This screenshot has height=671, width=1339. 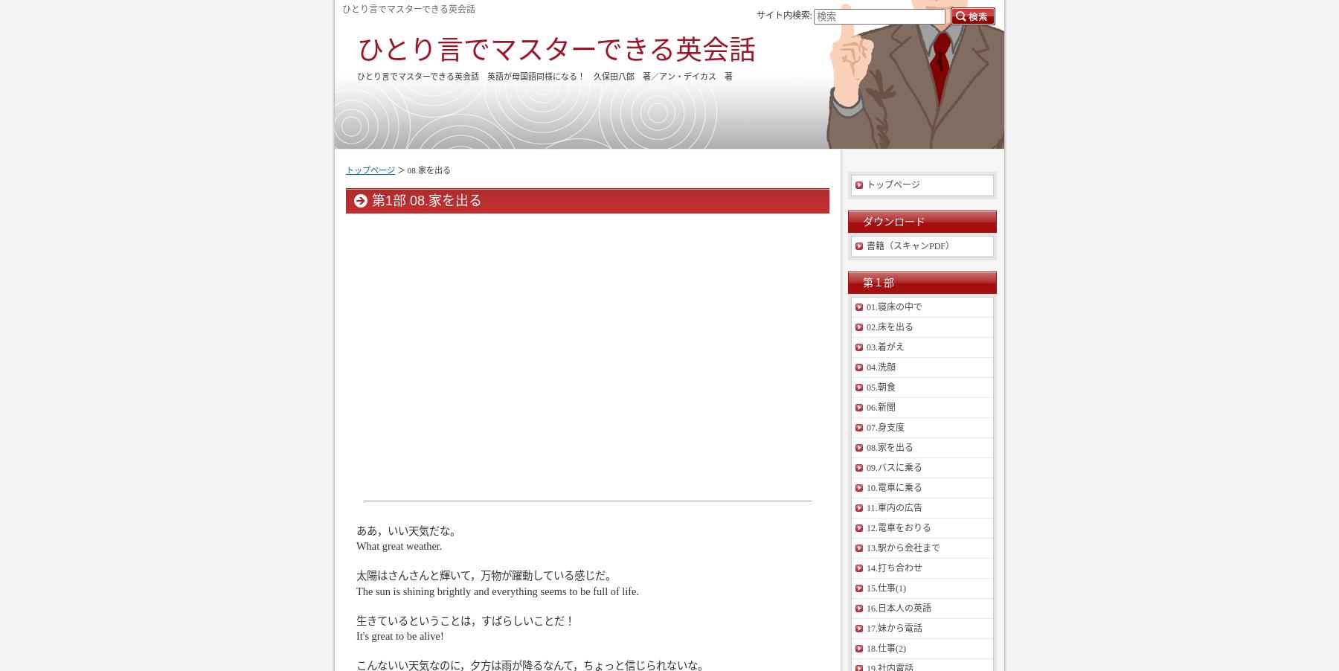 What do you see at coordinates (893, 487) in the screenshot?
I see `'10.電車に乗る'` at bounding box center [893, 487].